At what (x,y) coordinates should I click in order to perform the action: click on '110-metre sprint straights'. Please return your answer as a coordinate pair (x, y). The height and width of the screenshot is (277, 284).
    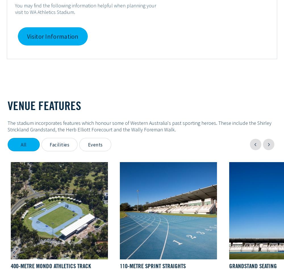
    Looking at the image, I should click on (153, 266).